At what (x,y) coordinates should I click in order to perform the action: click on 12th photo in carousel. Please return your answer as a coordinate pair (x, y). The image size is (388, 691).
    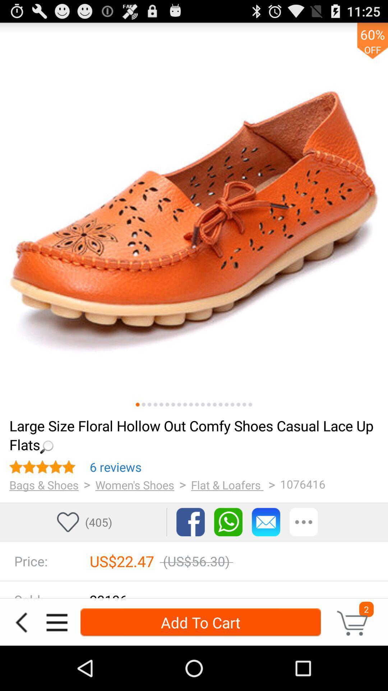
    Looking at the image, I should click on (203, 405).